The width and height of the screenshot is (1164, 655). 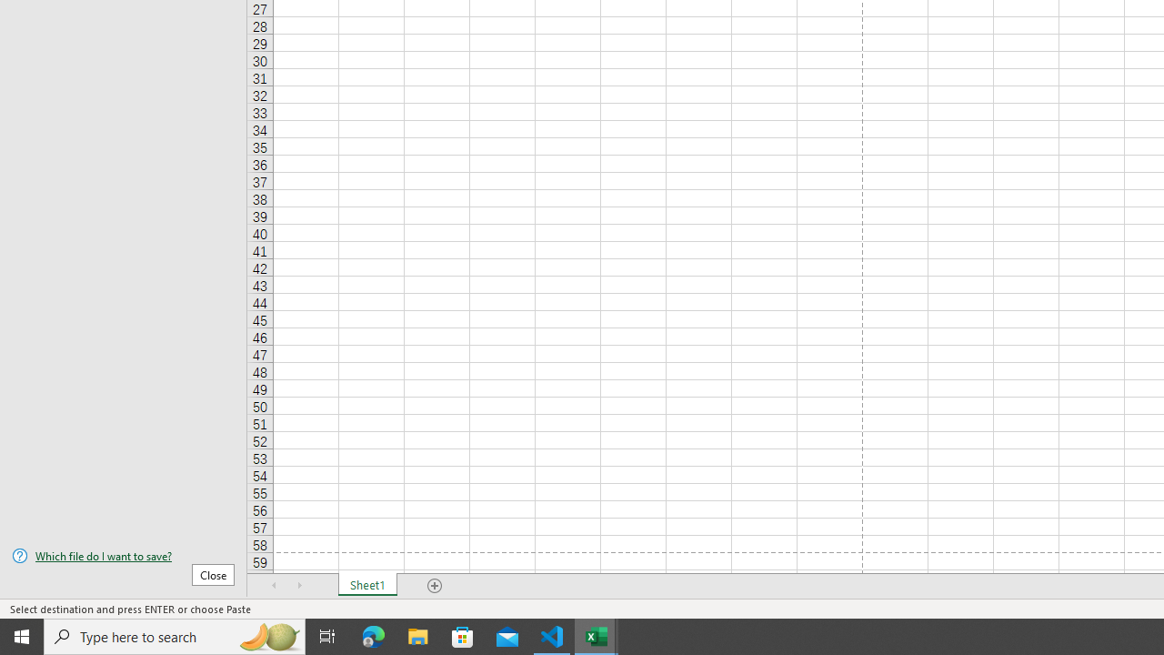 I want to click on 'Microsoft Edge', so click(x=373, y=635).